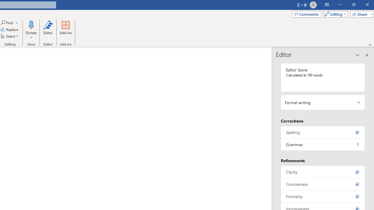  I want to click on 'Clarity, 0 issues. Press space or enter to review items.', so click(323, 171).